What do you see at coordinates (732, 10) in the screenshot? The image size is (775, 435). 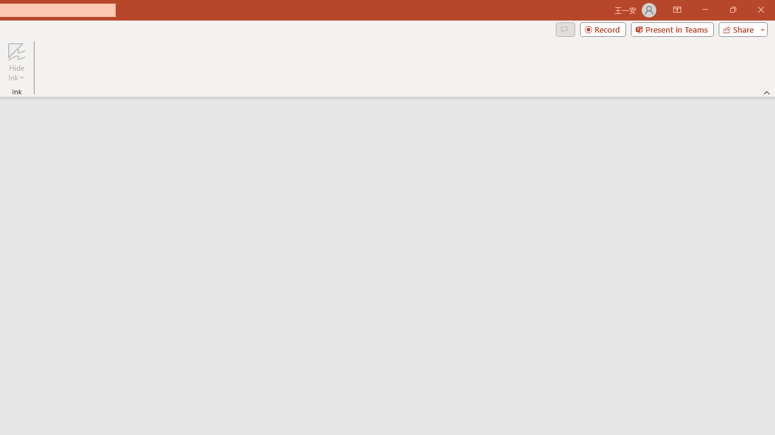 I see `'Restore Down'` at bounding box center [732, 10].